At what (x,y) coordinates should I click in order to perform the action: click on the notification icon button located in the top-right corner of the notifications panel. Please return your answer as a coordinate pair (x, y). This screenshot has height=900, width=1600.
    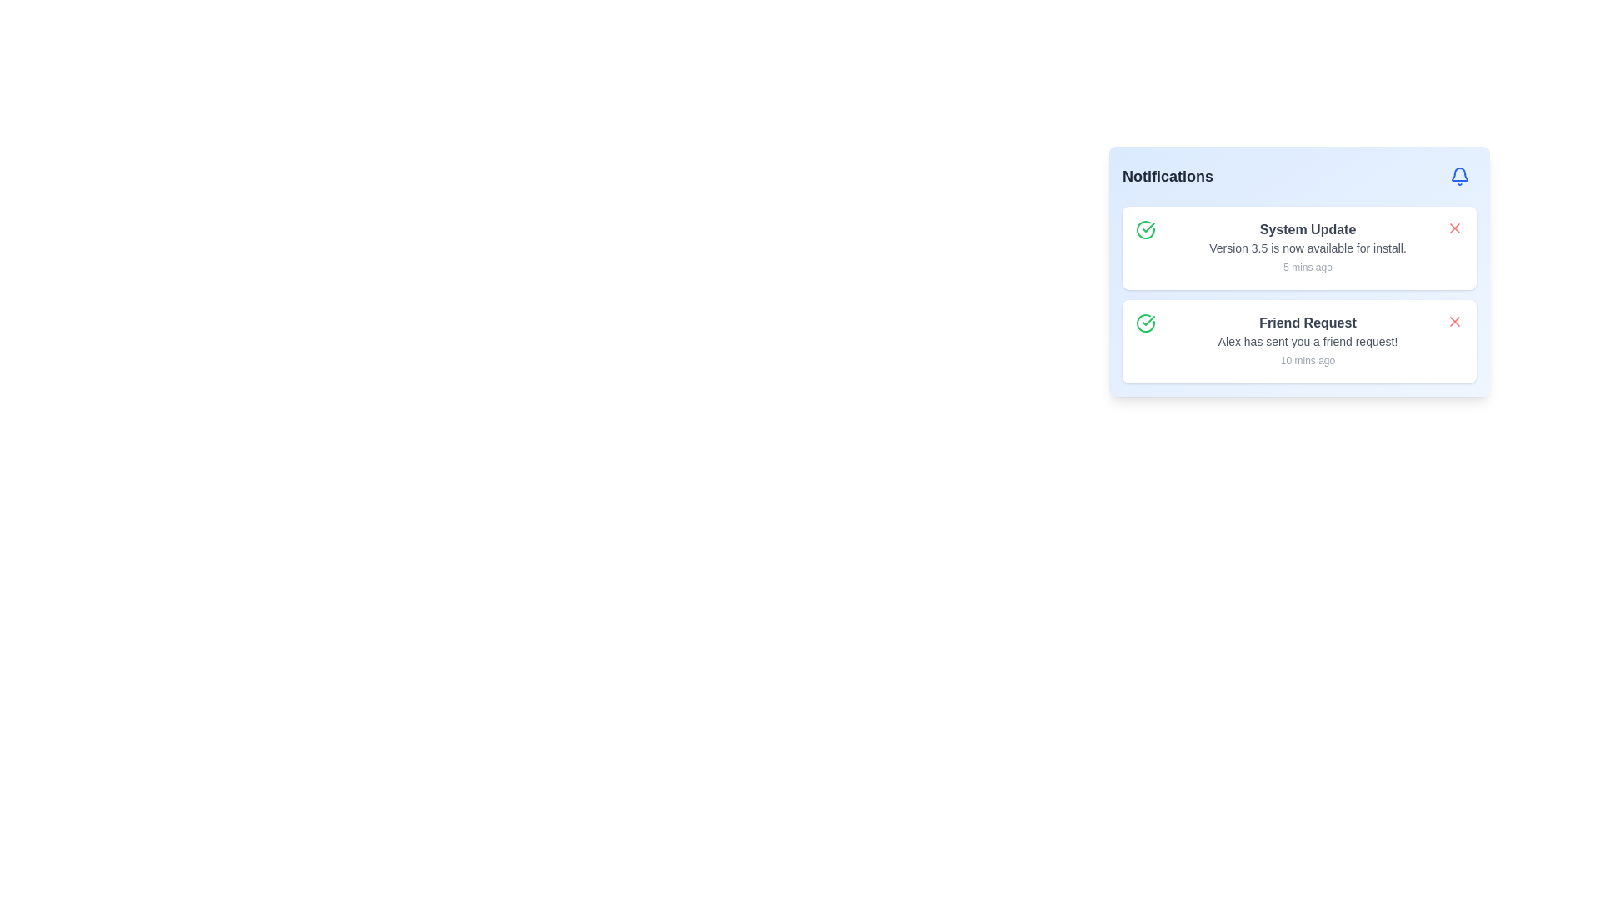
    Looking at the image, I should click on (1459, 177).